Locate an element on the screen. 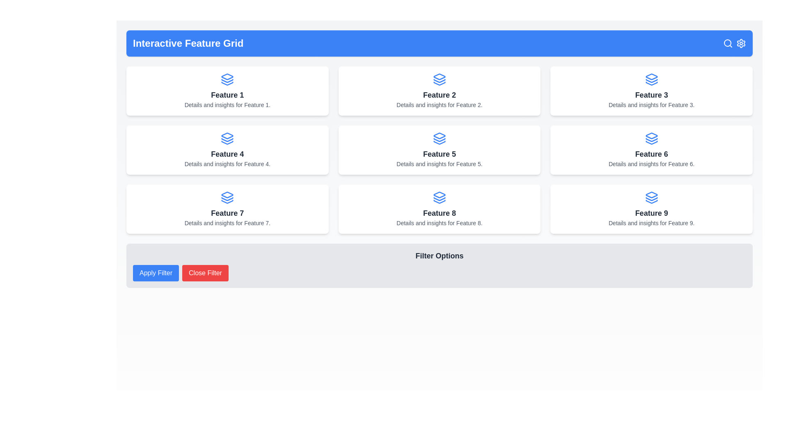 Image resolution: width=788 pixels, height=443 pixels. the Feature card titled 'Feature 6' which is located in the second row, third column of the grid layout, identifiable by its blue icon and description text is located at coordinates (651, 150).